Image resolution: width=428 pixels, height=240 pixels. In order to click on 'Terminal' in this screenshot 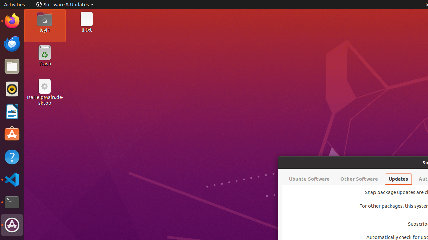, I will do `click(12, 202)`.